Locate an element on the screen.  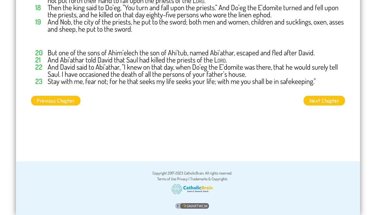
'Trademarks & Copyrights' is located at coordinates (208, 178).